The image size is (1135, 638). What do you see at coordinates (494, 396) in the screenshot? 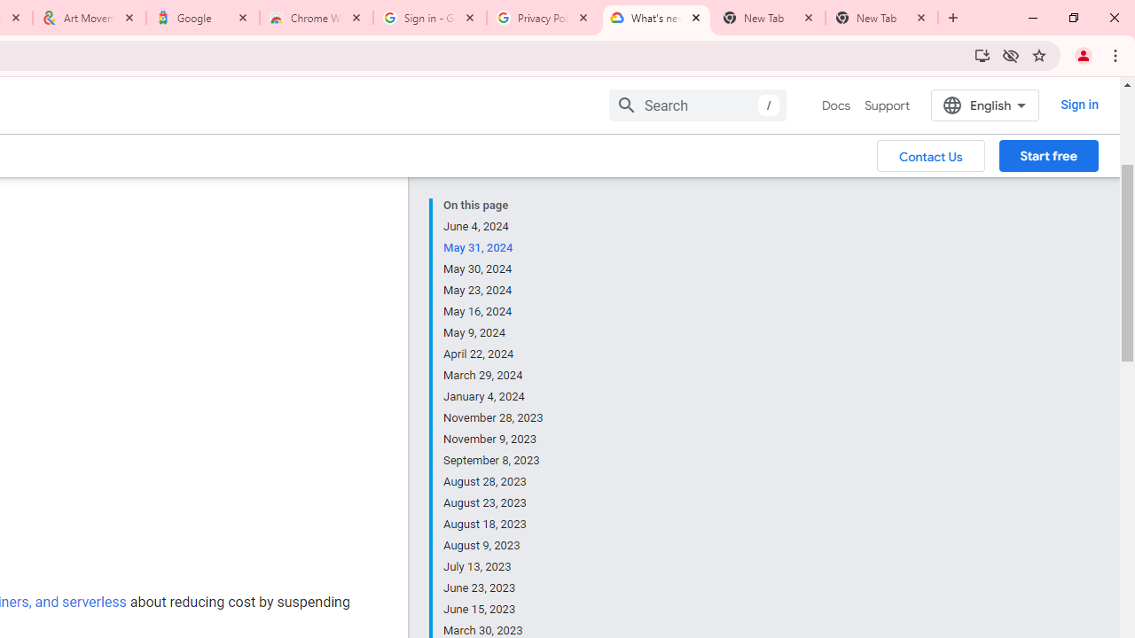
I see `'January 4, 2024'` at bounding box center [494, 396].